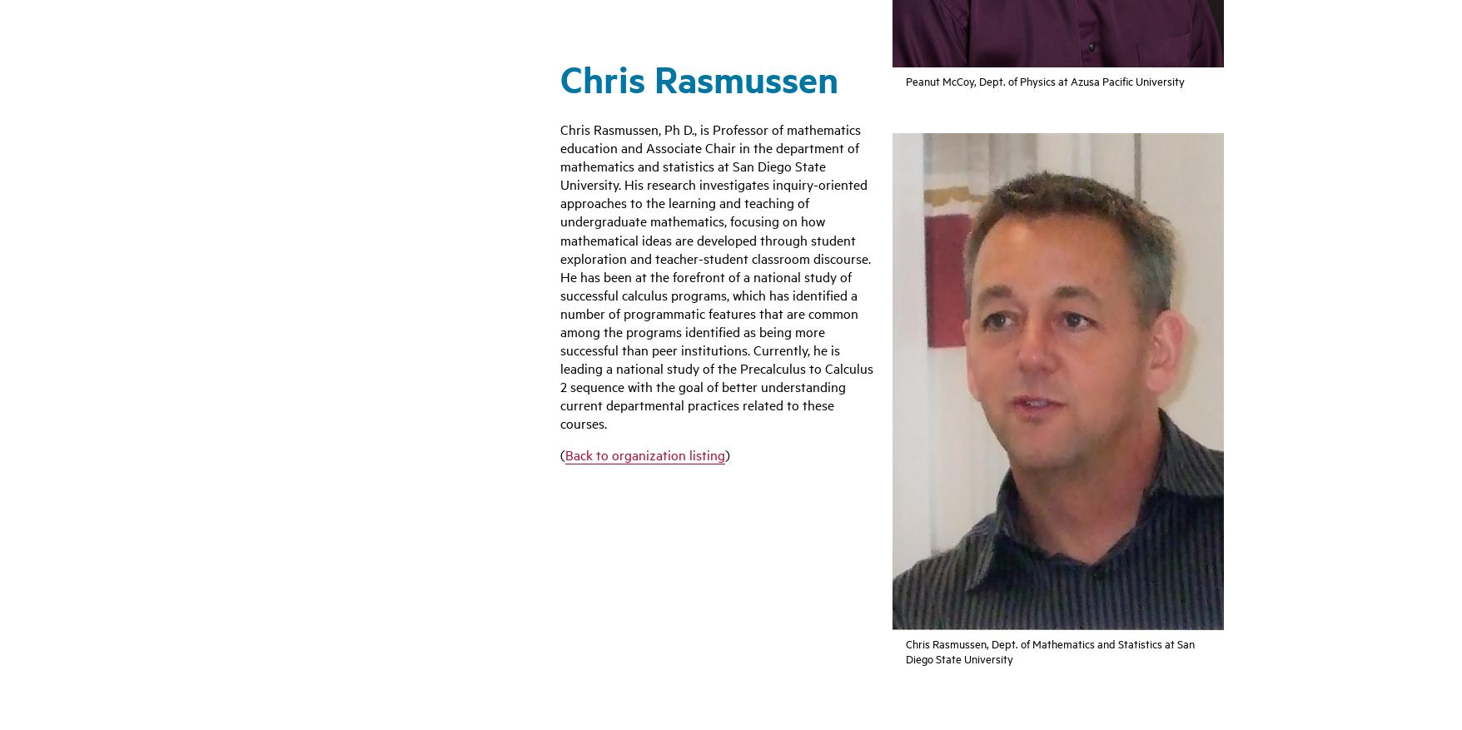  I want to click on 'Community and Neighbors', so click(1002, 459).